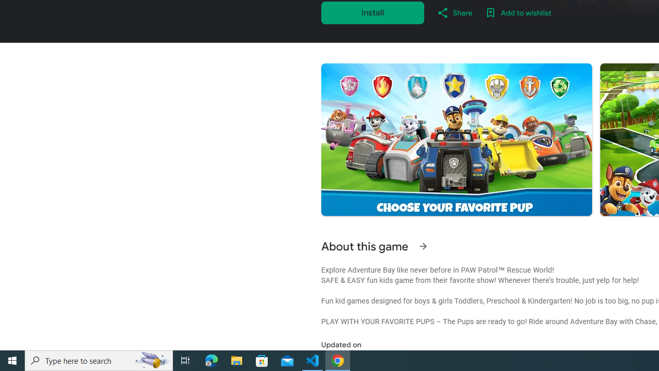  I want to click on 'See more information on About this game', so click(423, 246).